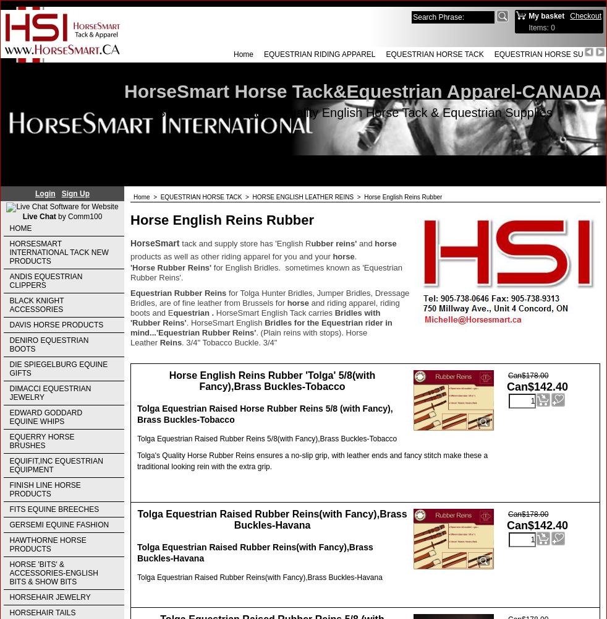 This screenshot has height=619, width=607. I want to click on 'tack and supply store has', so click(227, 243).